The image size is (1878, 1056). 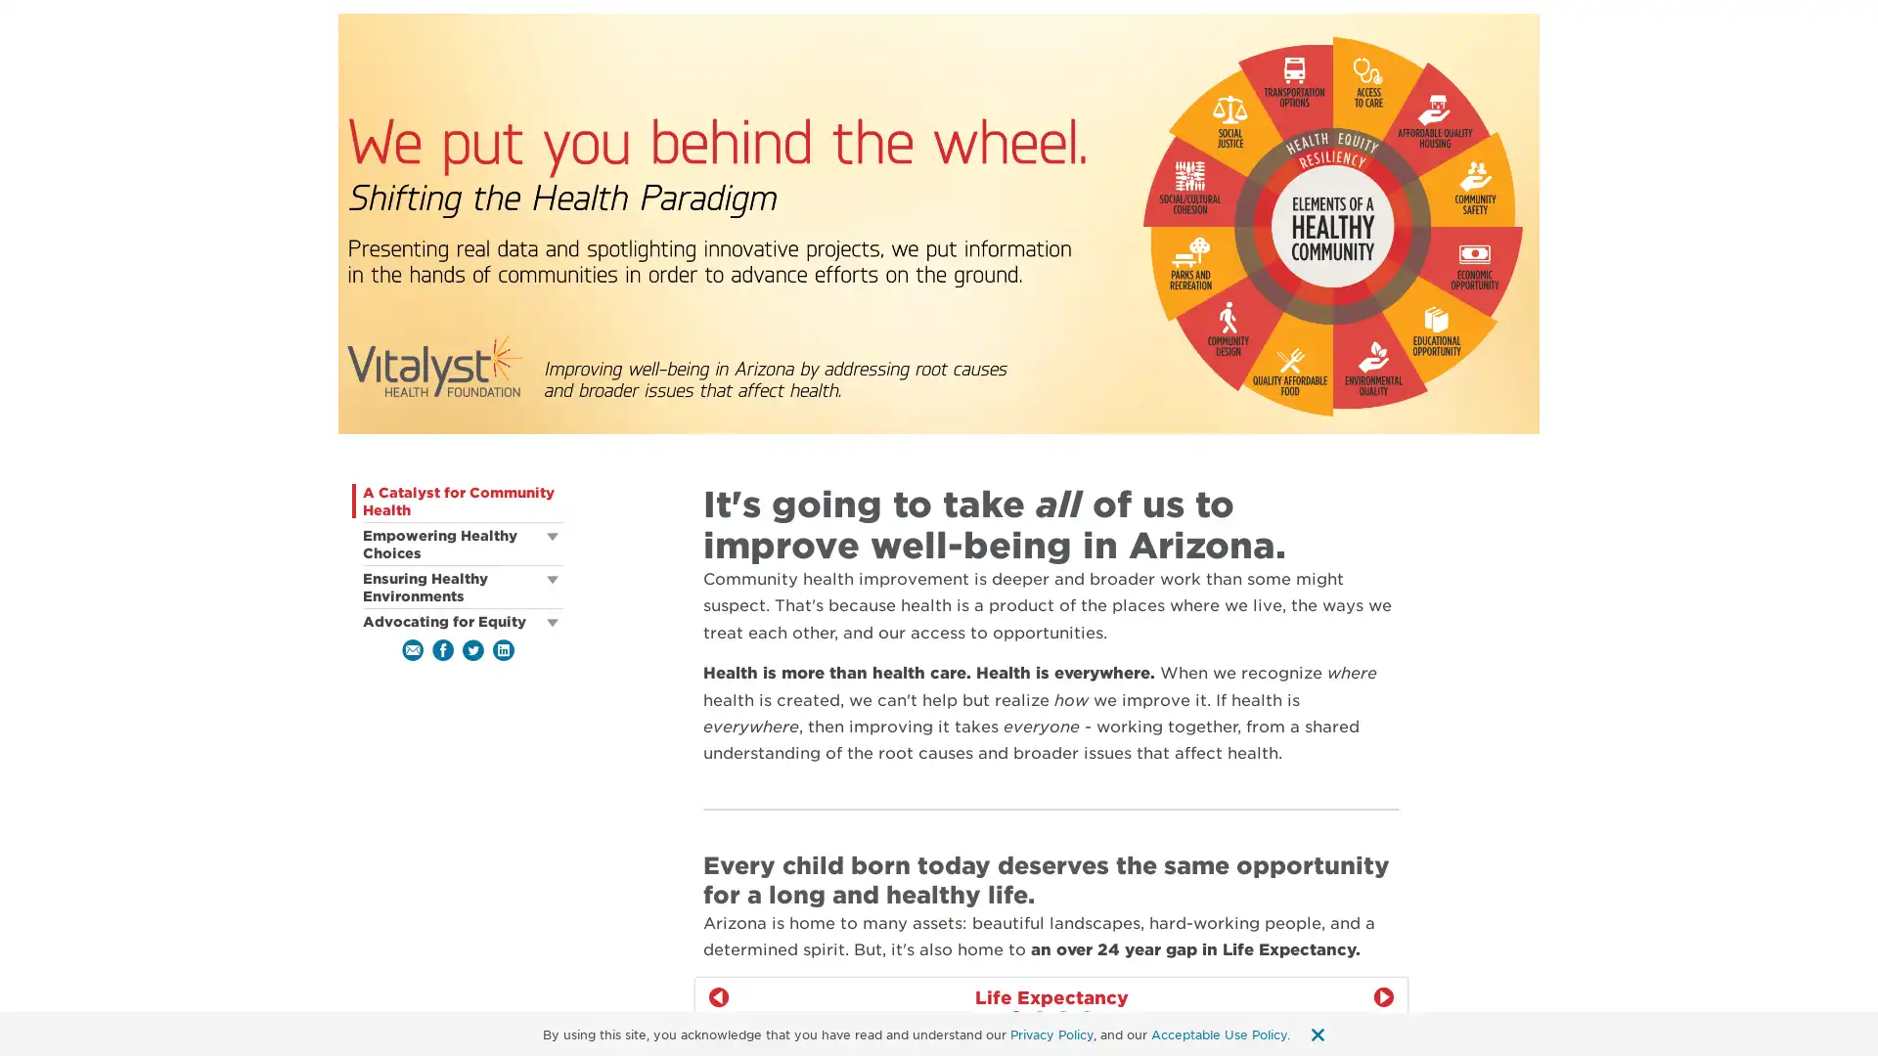 What do you see at coordinates (717, 995) in the screenshot?
I see `previous` at bounding box center [717, 995].